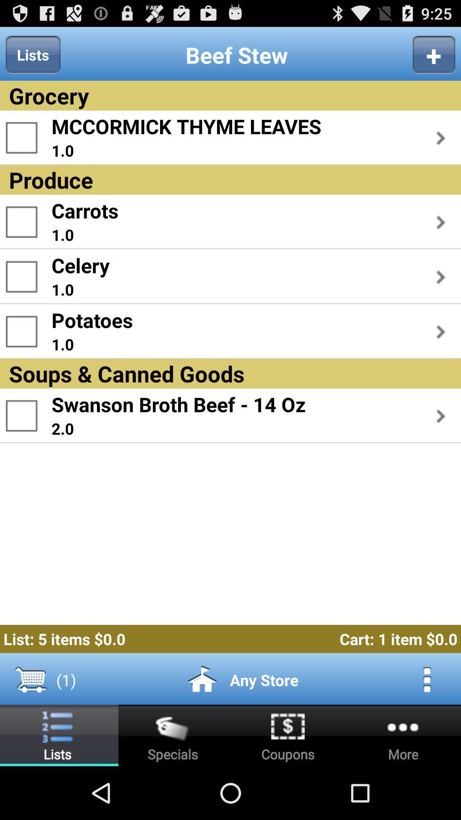  What do you see at coordinates (427, 727) in the screenshot?
I see `the more icon` at bounding box center [427, 727].